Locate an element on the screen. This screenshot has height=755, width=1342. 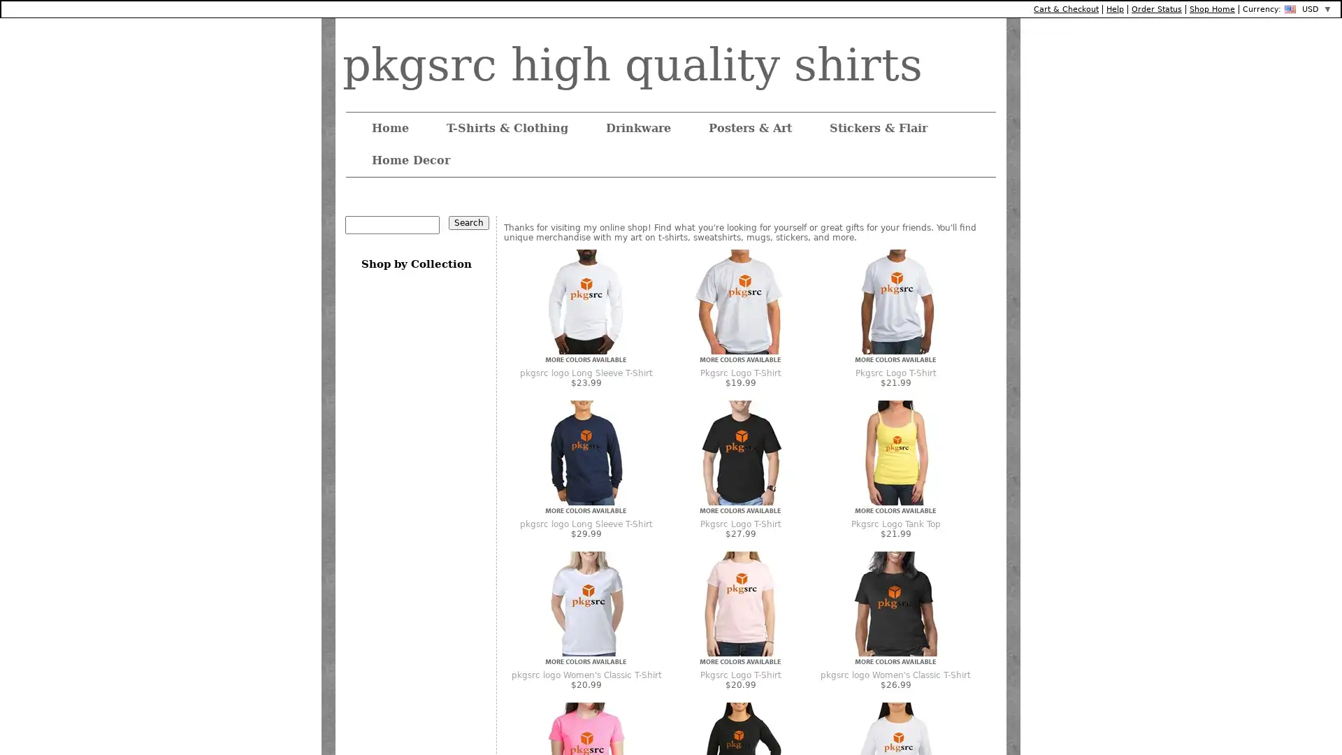
Search is located at coordinates (469, 222).